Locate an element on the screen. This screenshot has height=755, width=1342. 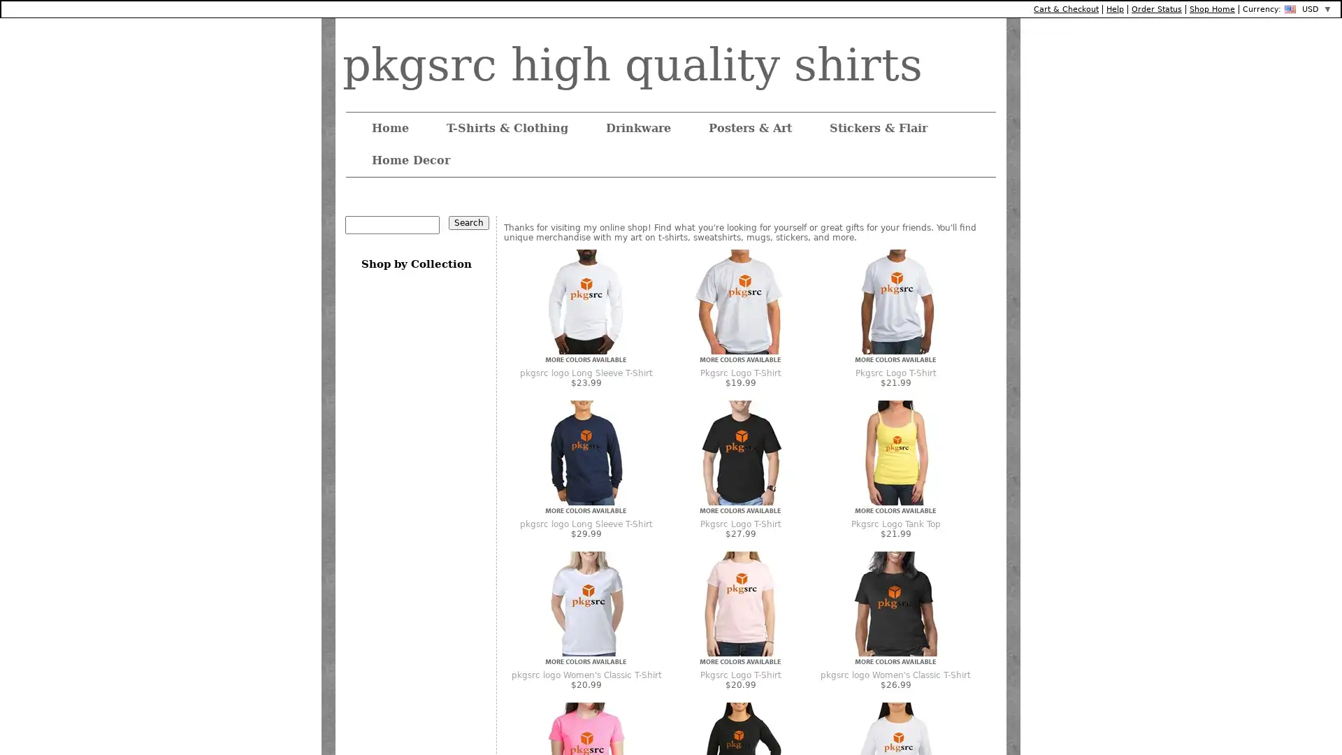
Search is located at coordinates (469, 222).